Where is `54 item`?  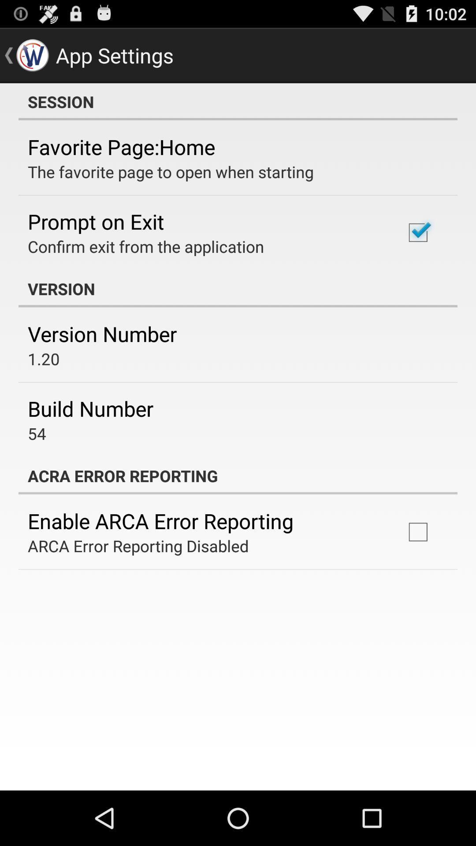 54 item is located at coordinates (37, 433).